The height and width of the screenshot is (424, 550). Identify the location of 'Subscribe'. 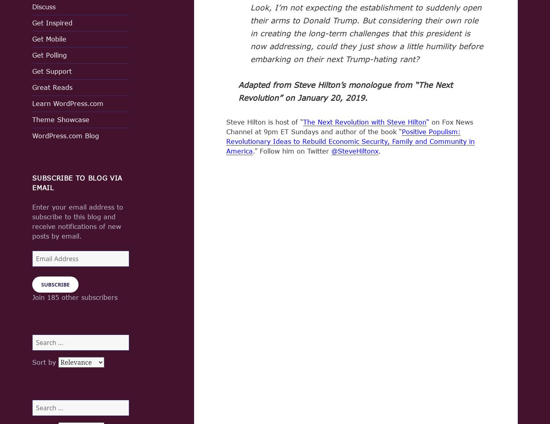
(55, 284).